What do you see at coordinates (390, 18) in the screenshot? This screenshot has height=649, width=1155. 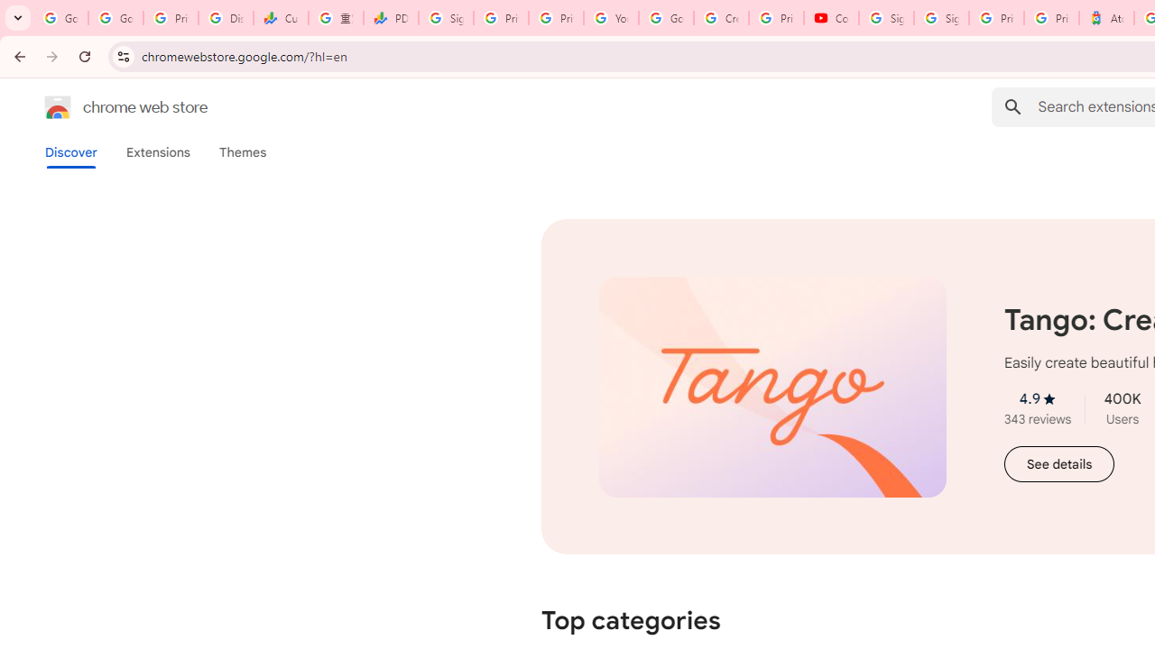 I see `'PDD Holdings Inc - ADR (PDD) Price & News - Google Finance'` at bounding box center [390, 18].